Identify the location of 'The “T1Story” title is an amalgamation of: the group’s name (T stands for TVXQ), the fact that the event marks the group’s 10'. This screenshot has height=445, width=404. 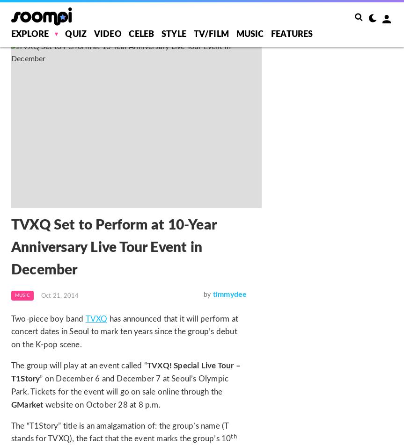
(11, 432).